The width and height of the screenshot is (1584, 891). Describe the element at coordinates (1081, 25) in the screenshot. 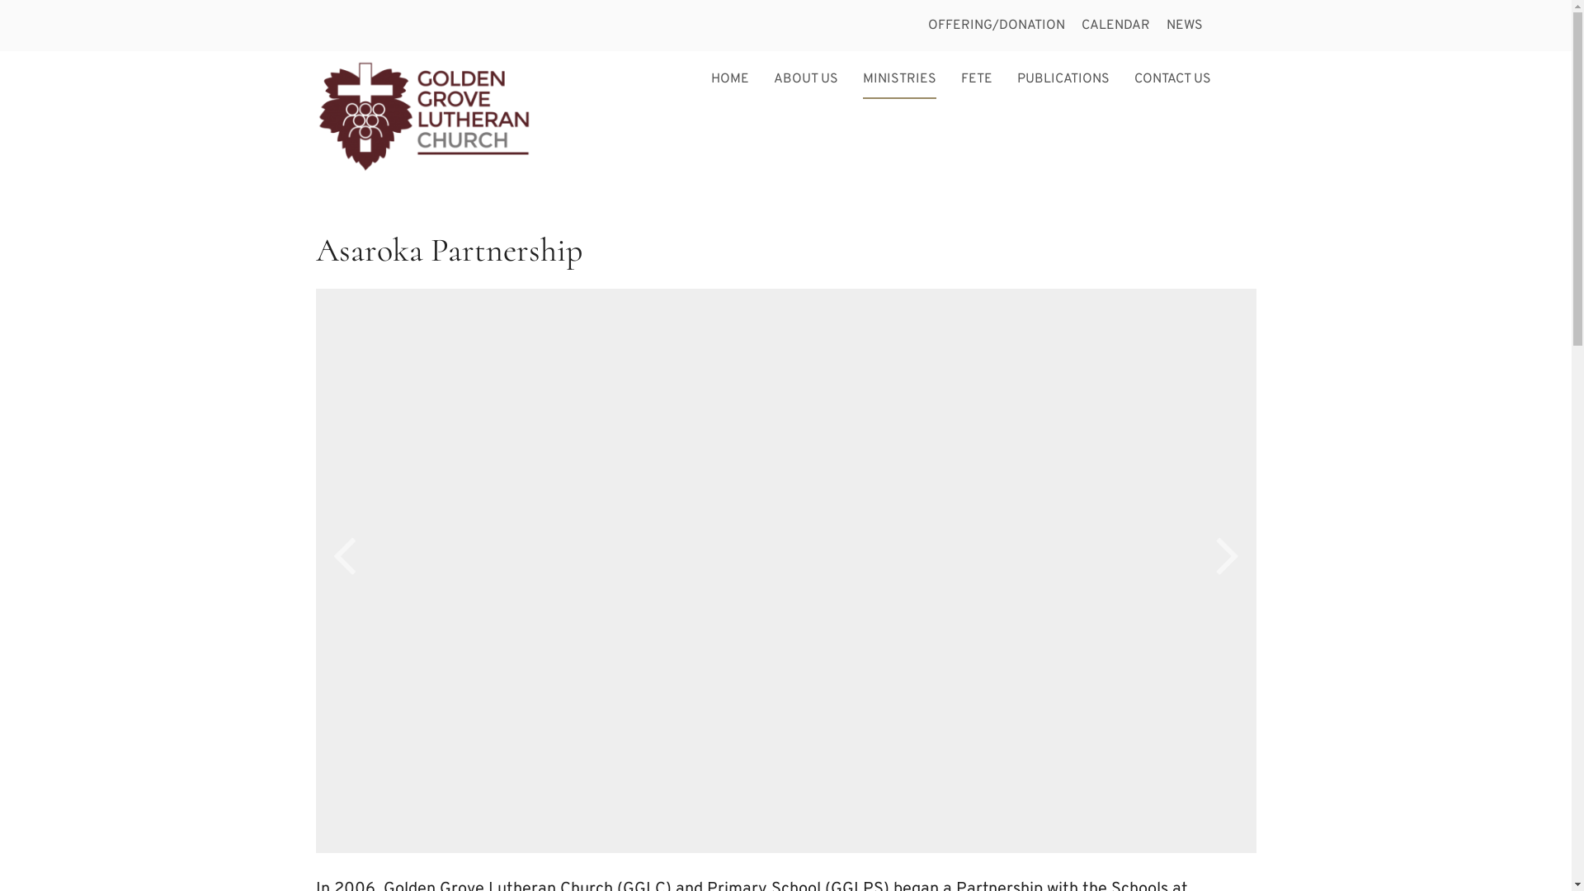

I see `'CALENDAR'` at that location.